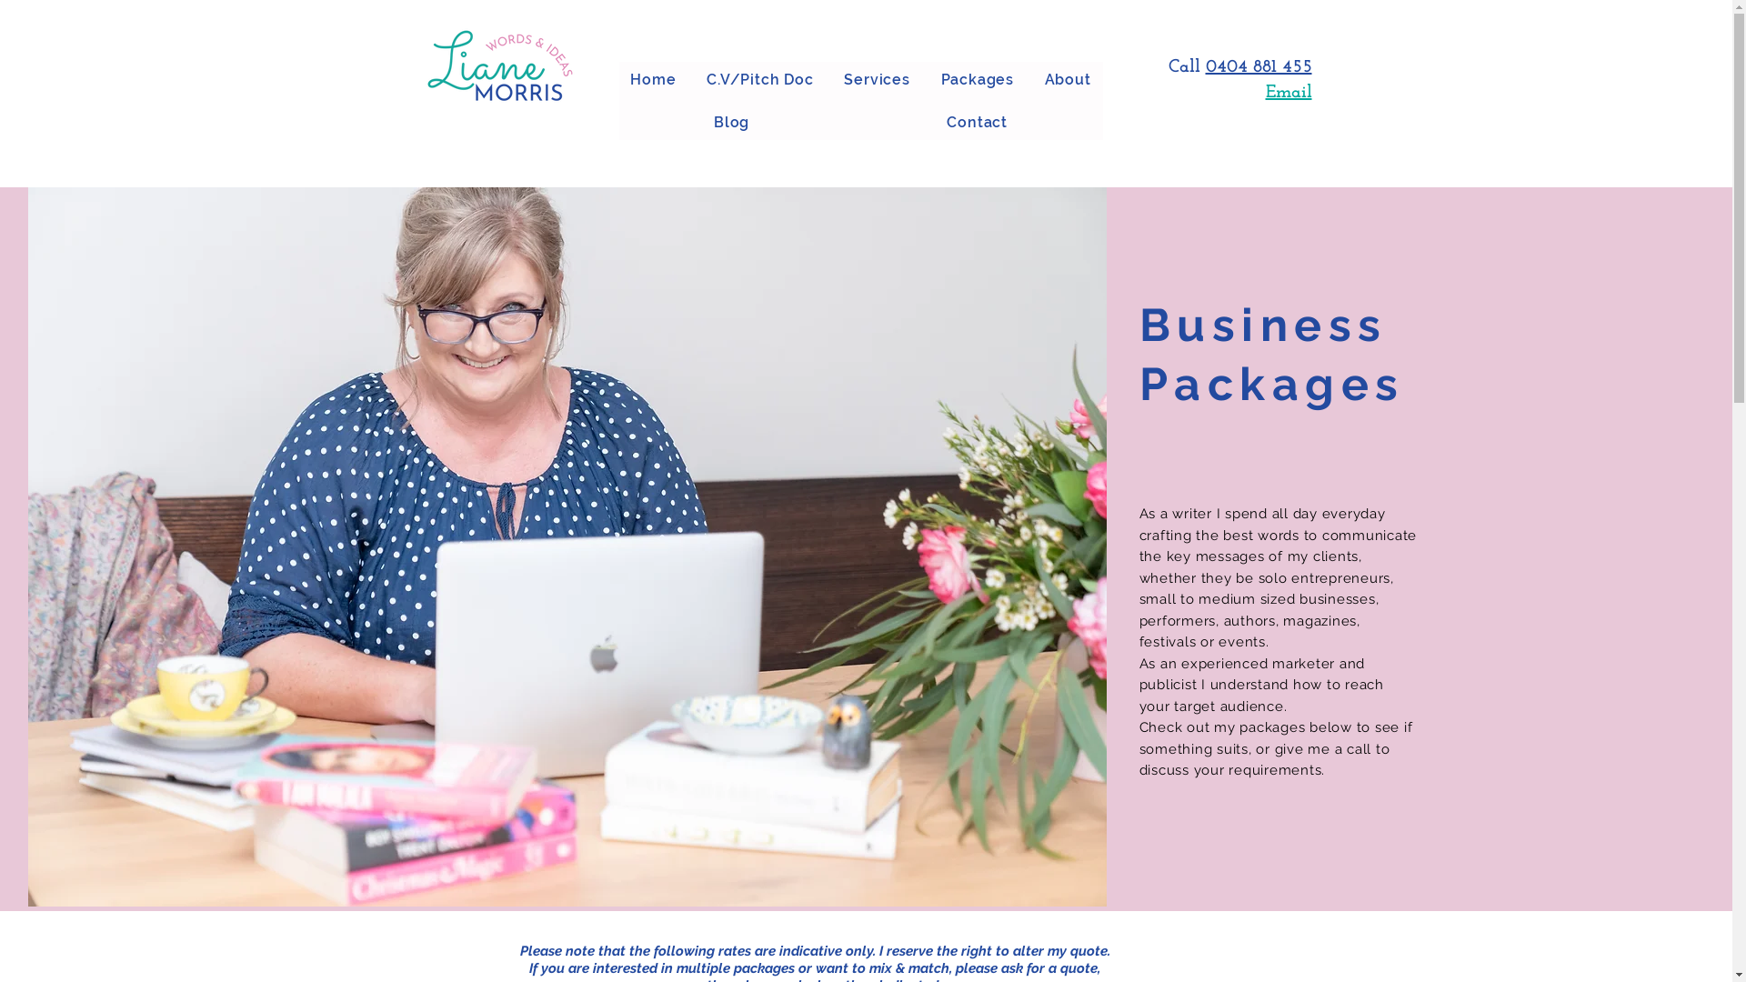 This screenshot has width=1746, height=982. Describe the element at coordinates (759, 78) in the screenshot. I see `'C.V/Pitch Doc'` at that location.